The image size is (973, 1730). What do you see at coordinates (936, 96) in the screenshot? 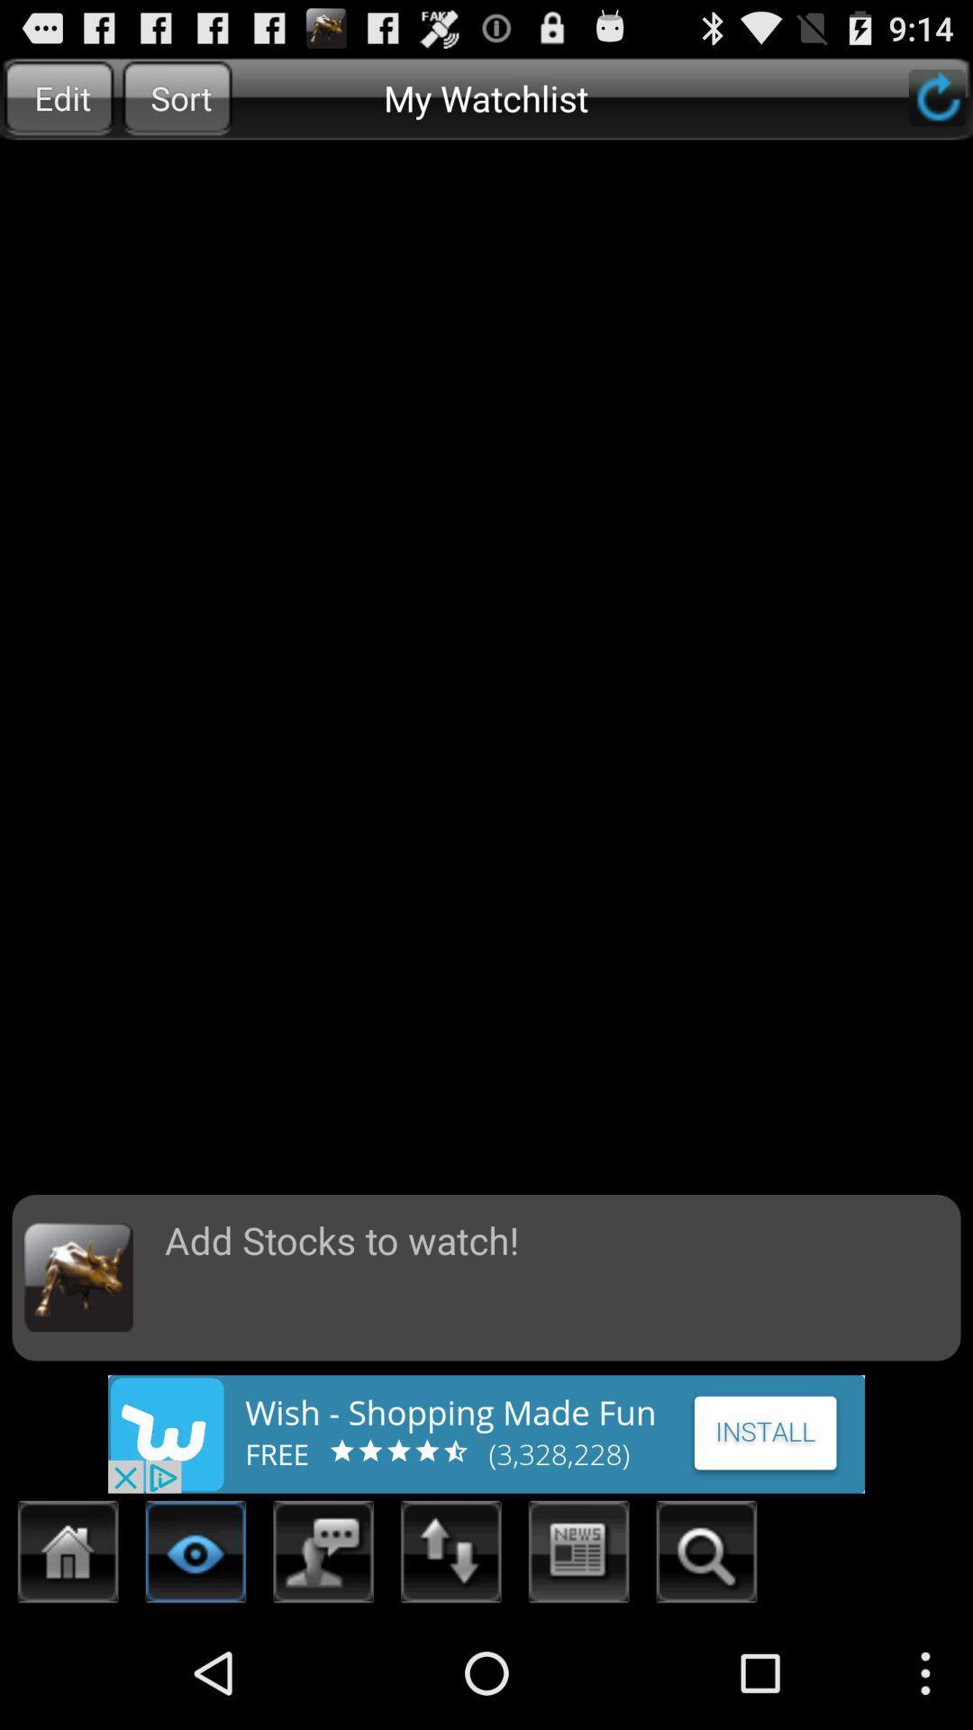
I see `reloads the page` at bounding box center [936, 96].